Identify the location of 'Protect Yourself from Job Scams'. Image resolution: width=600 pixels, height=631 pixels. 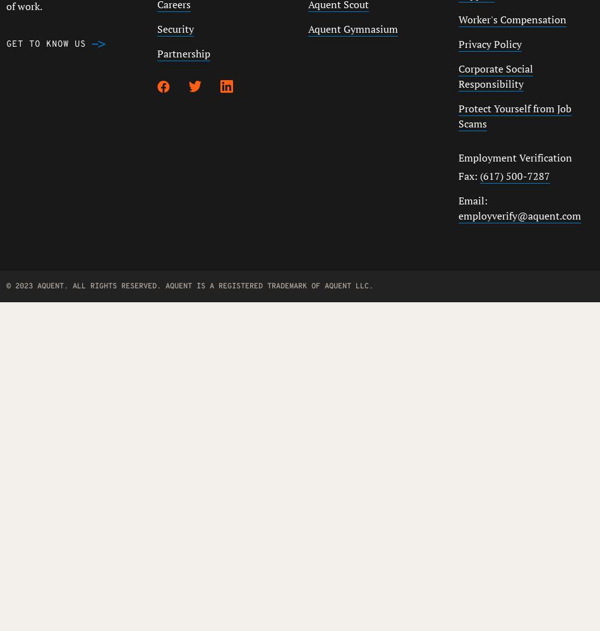
(514, 116).